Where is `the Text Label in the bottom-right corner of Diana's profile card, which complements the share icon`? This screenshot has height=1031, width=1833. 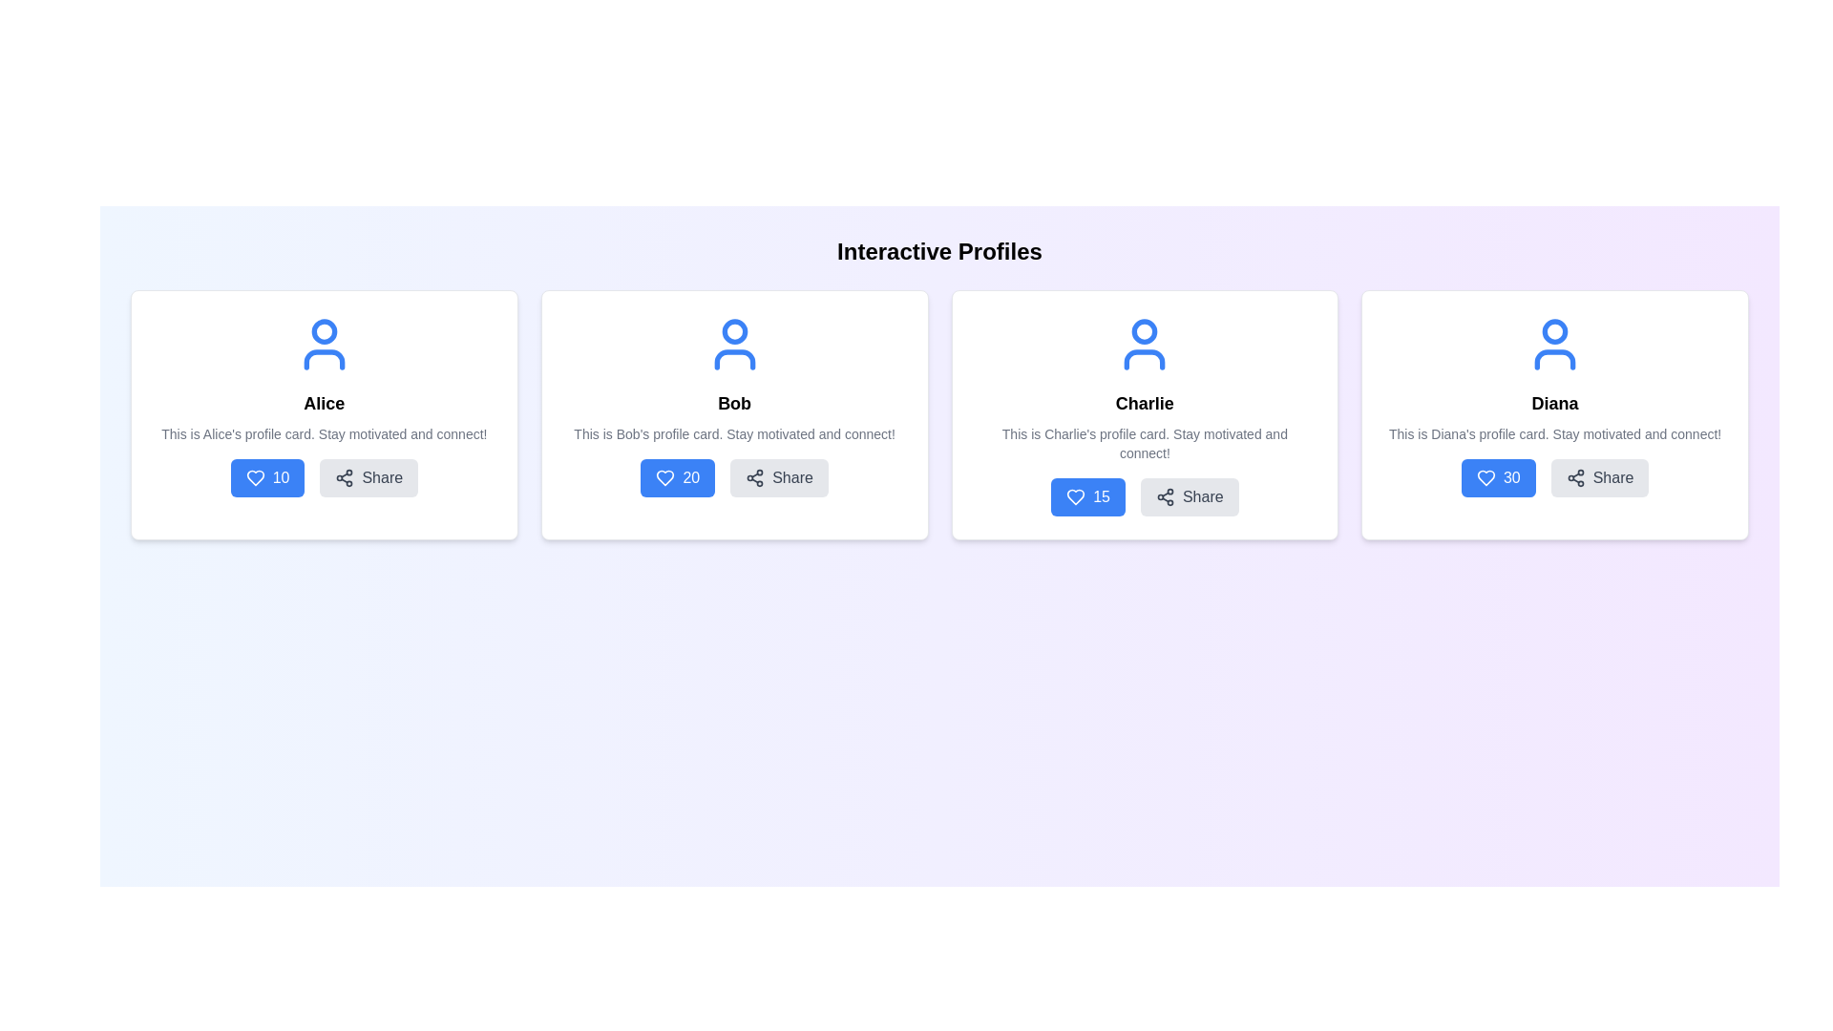
the Text Label in the bottom-right corner of Diana's profile card, which complements the share icon is located at coordinates (1612, 477).